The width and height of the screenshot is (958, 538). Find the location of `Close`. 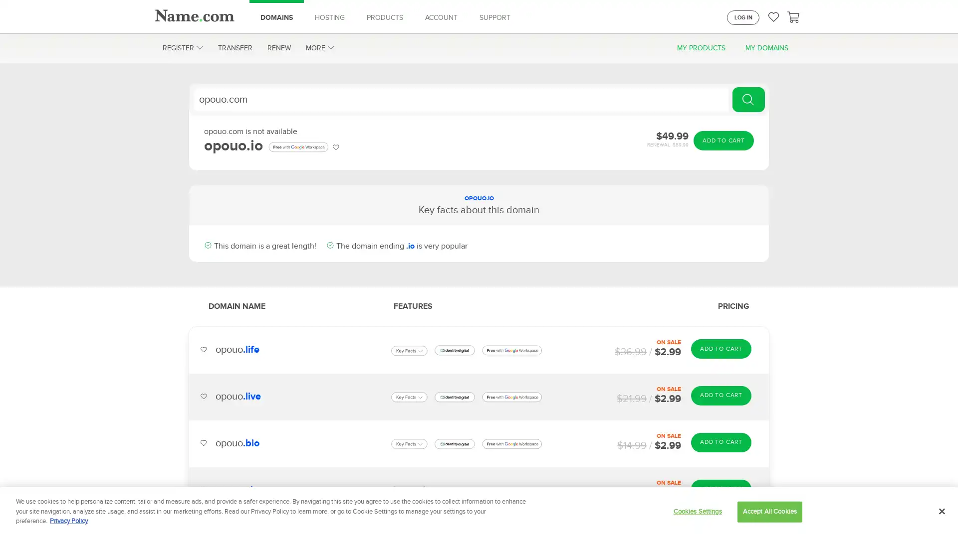

Close is located at coordinates (941, 511).